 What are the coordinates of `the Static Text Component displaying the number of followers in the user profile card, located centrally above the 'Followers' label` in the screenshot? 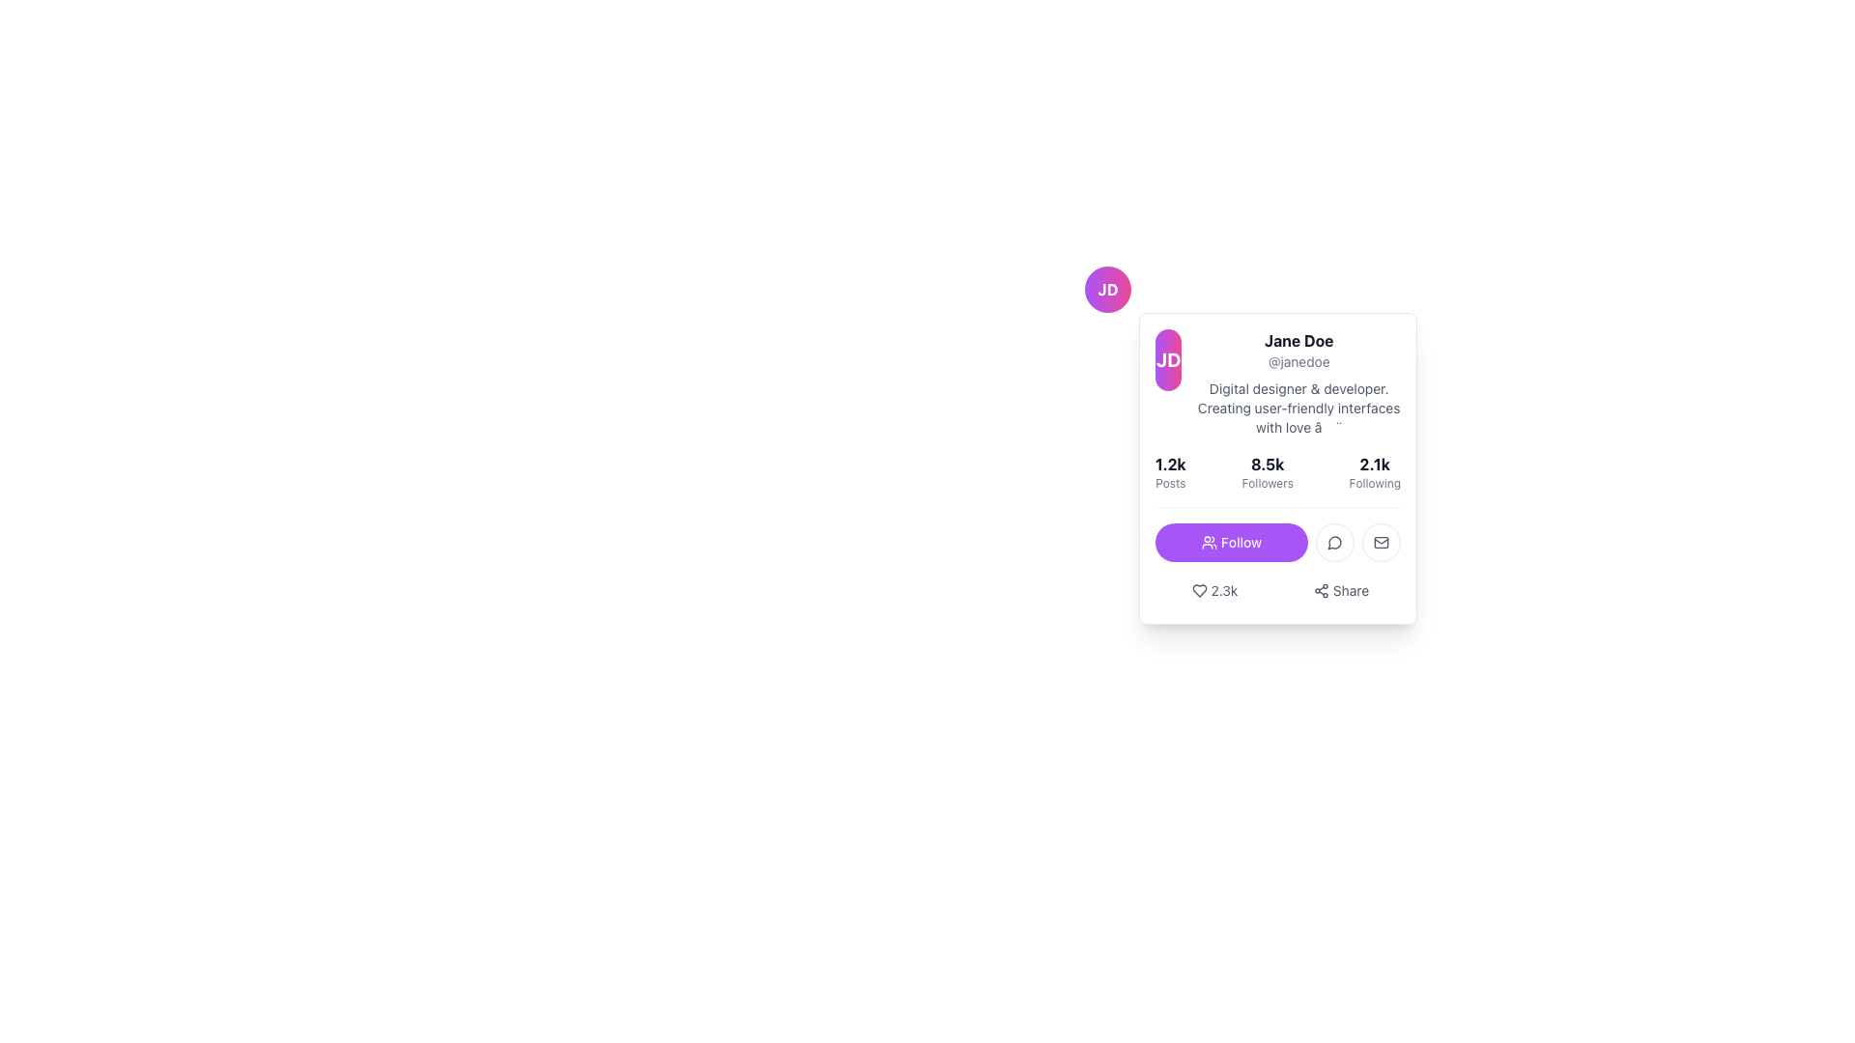 It's located at (1268, 465).